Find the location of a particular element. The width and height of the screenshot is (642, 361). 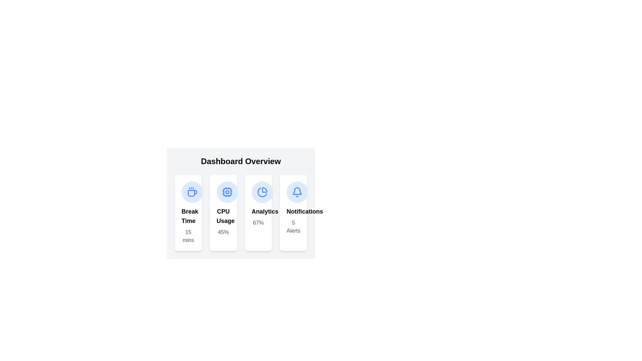

the notification icon located in the bottom-right corner of the dashboard card displaying 'Notifications' is located at coordinates (297, 191).